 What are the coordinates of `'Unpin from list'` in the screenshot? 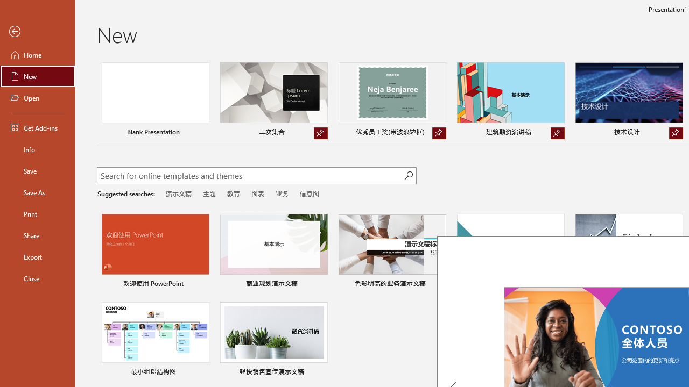 It's located at (675, 133).